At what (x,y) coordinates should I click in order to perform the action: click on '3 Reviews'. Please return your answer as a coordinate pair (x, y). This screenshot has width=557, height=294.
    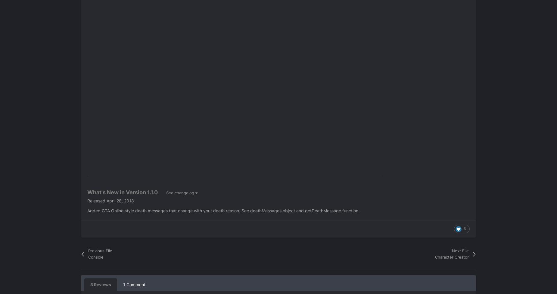
    Looking at the image, I should click on (100, 284).